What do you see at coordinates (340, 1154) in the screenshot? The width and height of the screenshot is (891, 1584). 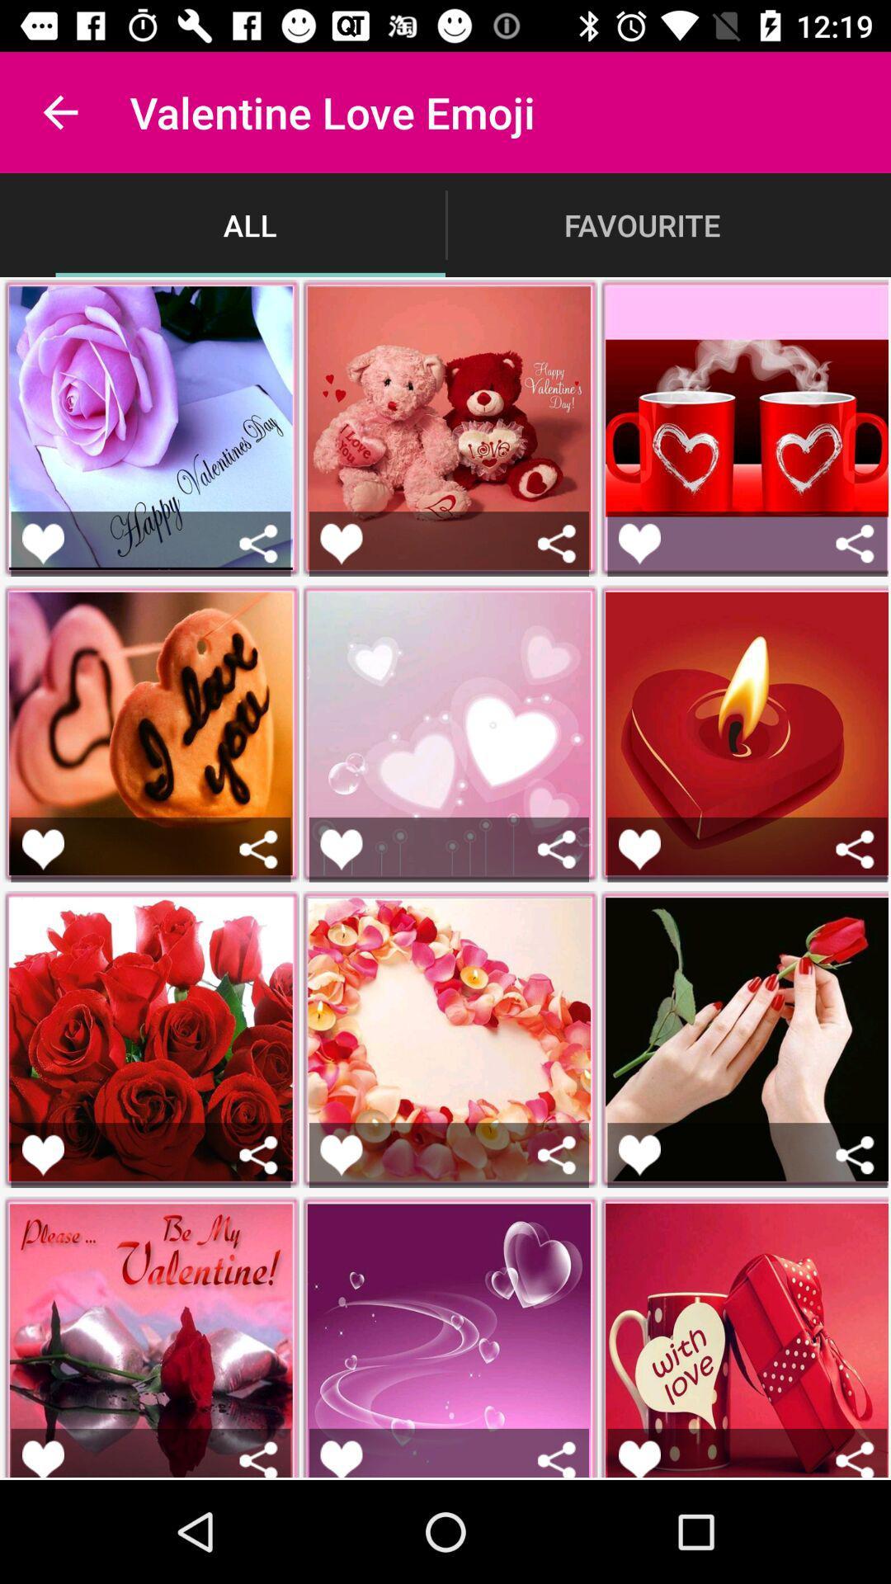 I see `like picture` at bounding box center [340, 1154].